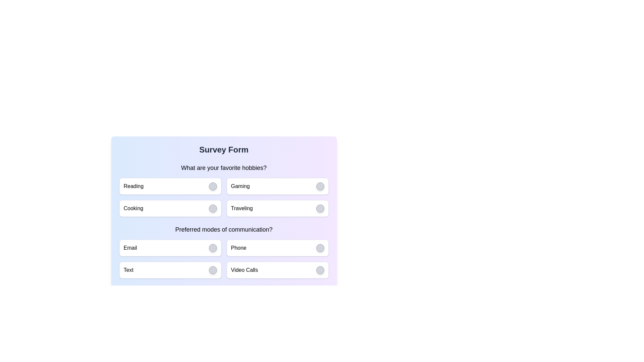 The width and height of the screenshot is (644, 362). Describe the element at coordinates (244, 270) in the screenshot. I see `the static text label indicating the option 'Video Calls', which is located in the bottom-right section of the form under the heading 'Preferred modes of communication?' and is immediately to the left of a radio button` at that location.